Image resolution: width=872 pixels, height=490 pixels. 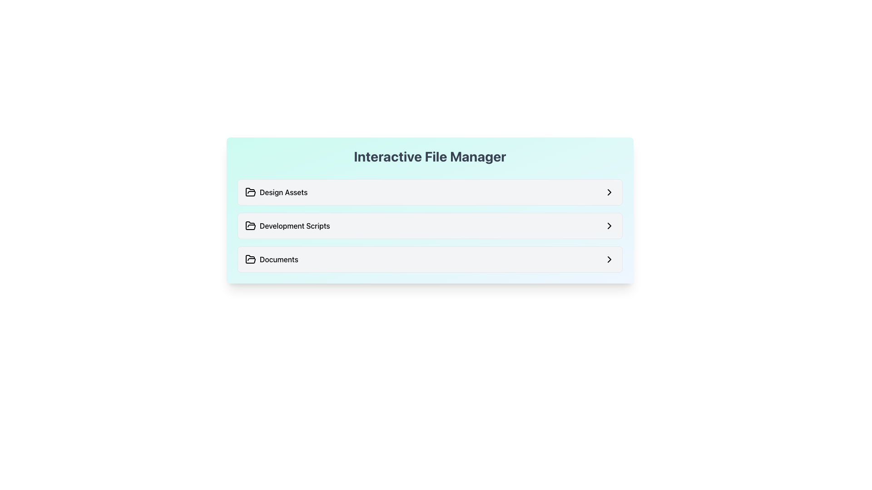 I want to click on the open folder icon located beside the text 'Development Scripts' in the second row of the list, so click(x=251, y=225).